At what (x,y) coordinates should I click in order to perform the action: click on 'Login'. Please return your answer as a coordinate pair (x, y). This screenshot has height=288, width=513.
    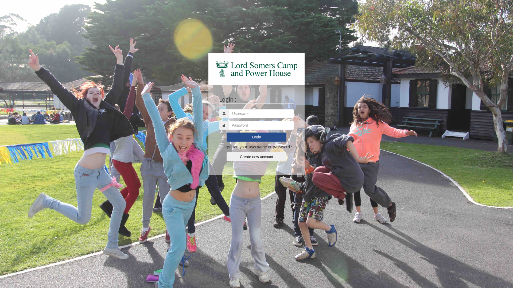
    Looking at the image, I should click on (256, 137).